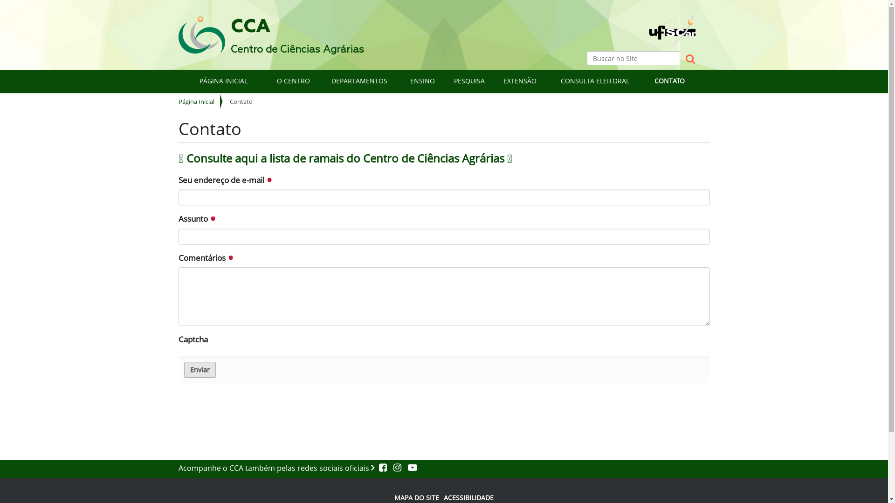  Describe the element at coordinates (400, 80) in the screenshot. I see `'ENSINO'` at that location.